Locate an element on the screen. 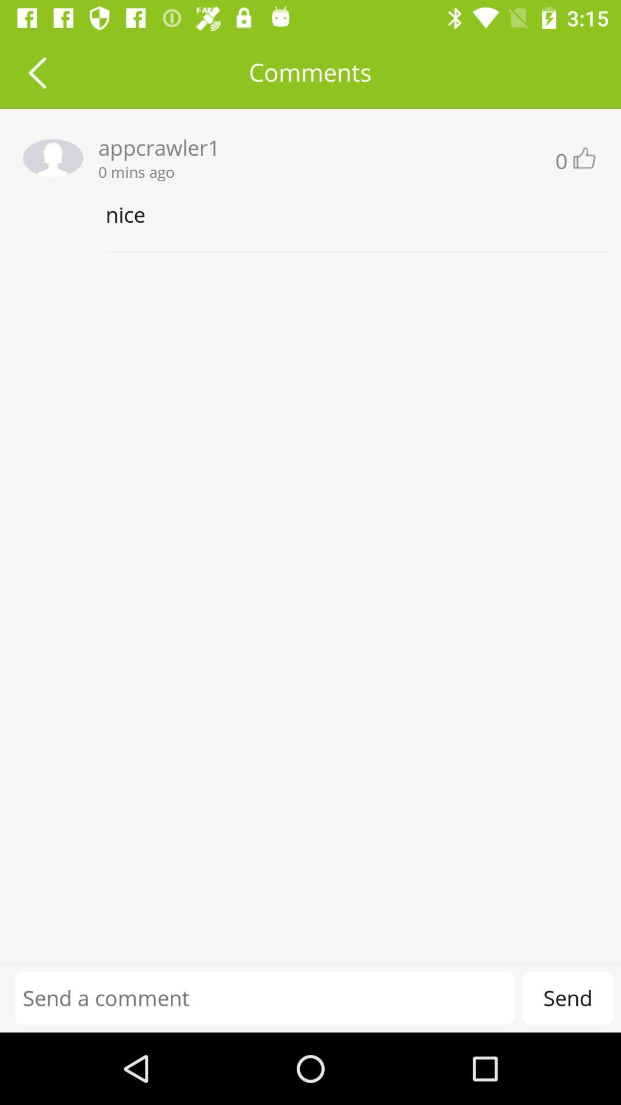 This screenshot has height=1105, width=621. previous is located at coordinates (36, 71).